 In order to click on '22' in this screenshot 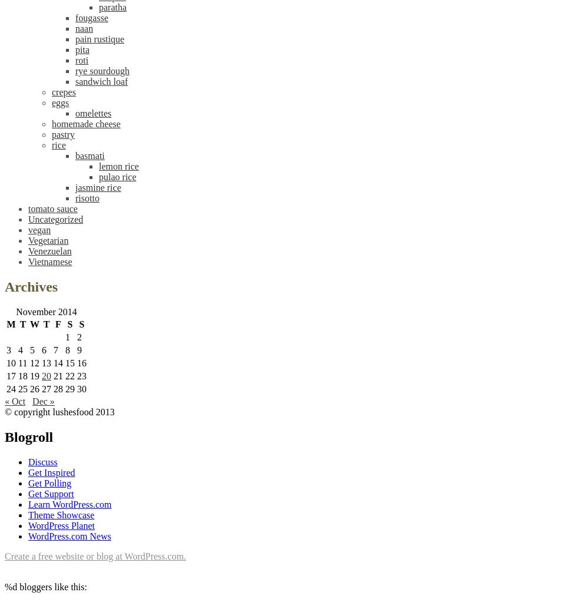, I will do `click(69, 376)`.